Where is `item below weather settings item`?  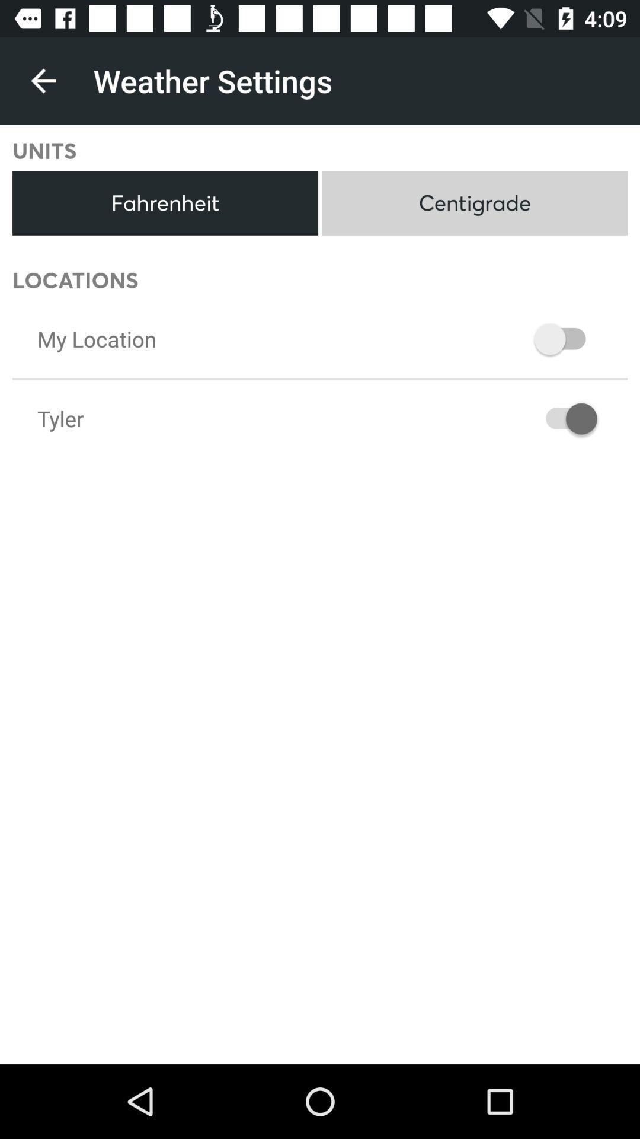 item below weather settings item is located at coordinates (474, 203).